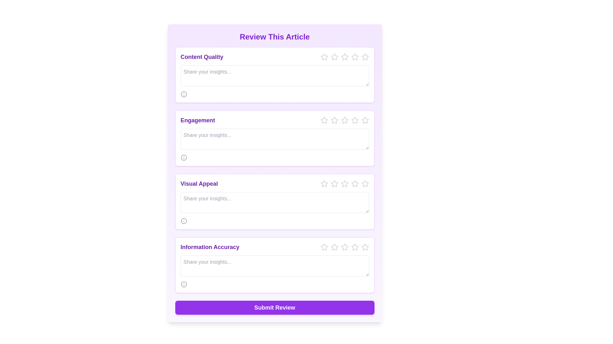 This screenshot has width=613, height=344. I want to click on the Title and rating component, so click(275, 184).